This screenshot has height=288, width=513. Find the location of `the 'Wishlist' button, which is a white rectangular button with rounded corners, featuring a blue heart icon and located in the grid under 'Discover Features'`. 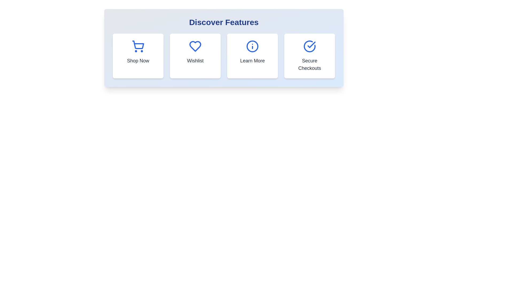

the 'Wishlist' button, which is a white rectangular button with rounded corners, featuring a blue heart icon and located in the grid under 'Discover Features' is located at coordinates (195, 56).